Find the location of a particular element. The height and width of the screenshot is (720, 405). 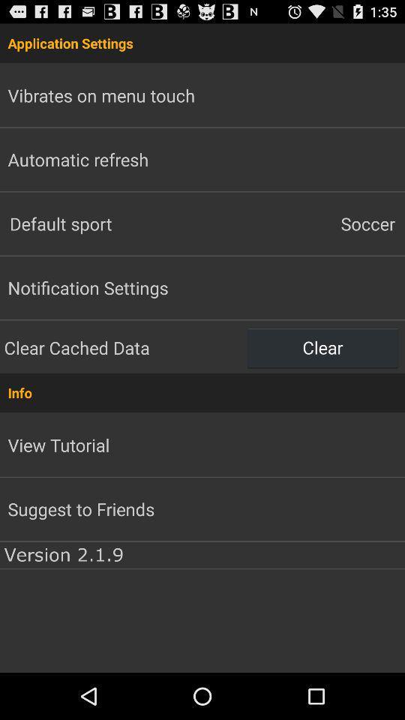

the icon to the left of clear button is located at coordinates (123, 347).